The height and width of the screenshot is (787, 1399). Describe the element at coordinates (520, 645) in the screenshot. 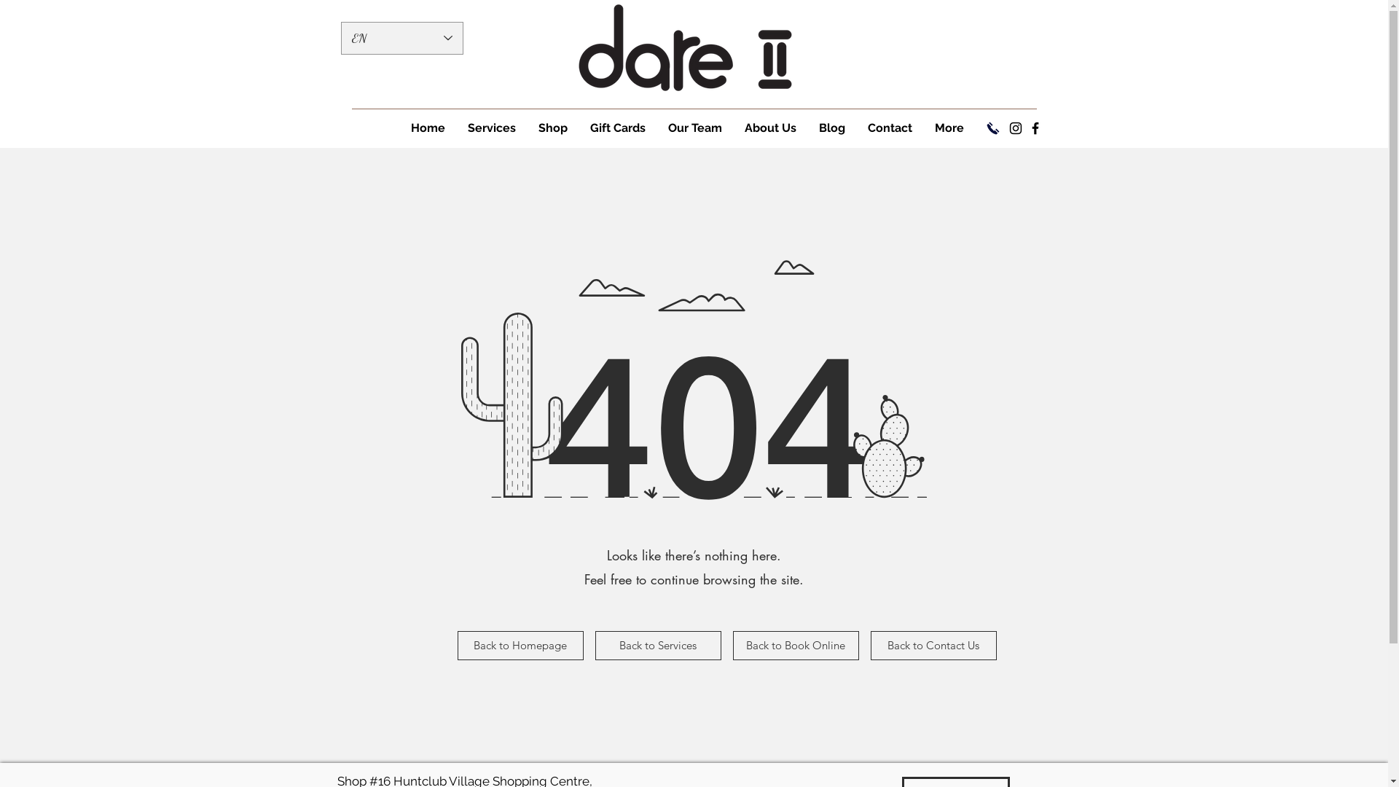

I see `'Back to Homepage'` at that location.